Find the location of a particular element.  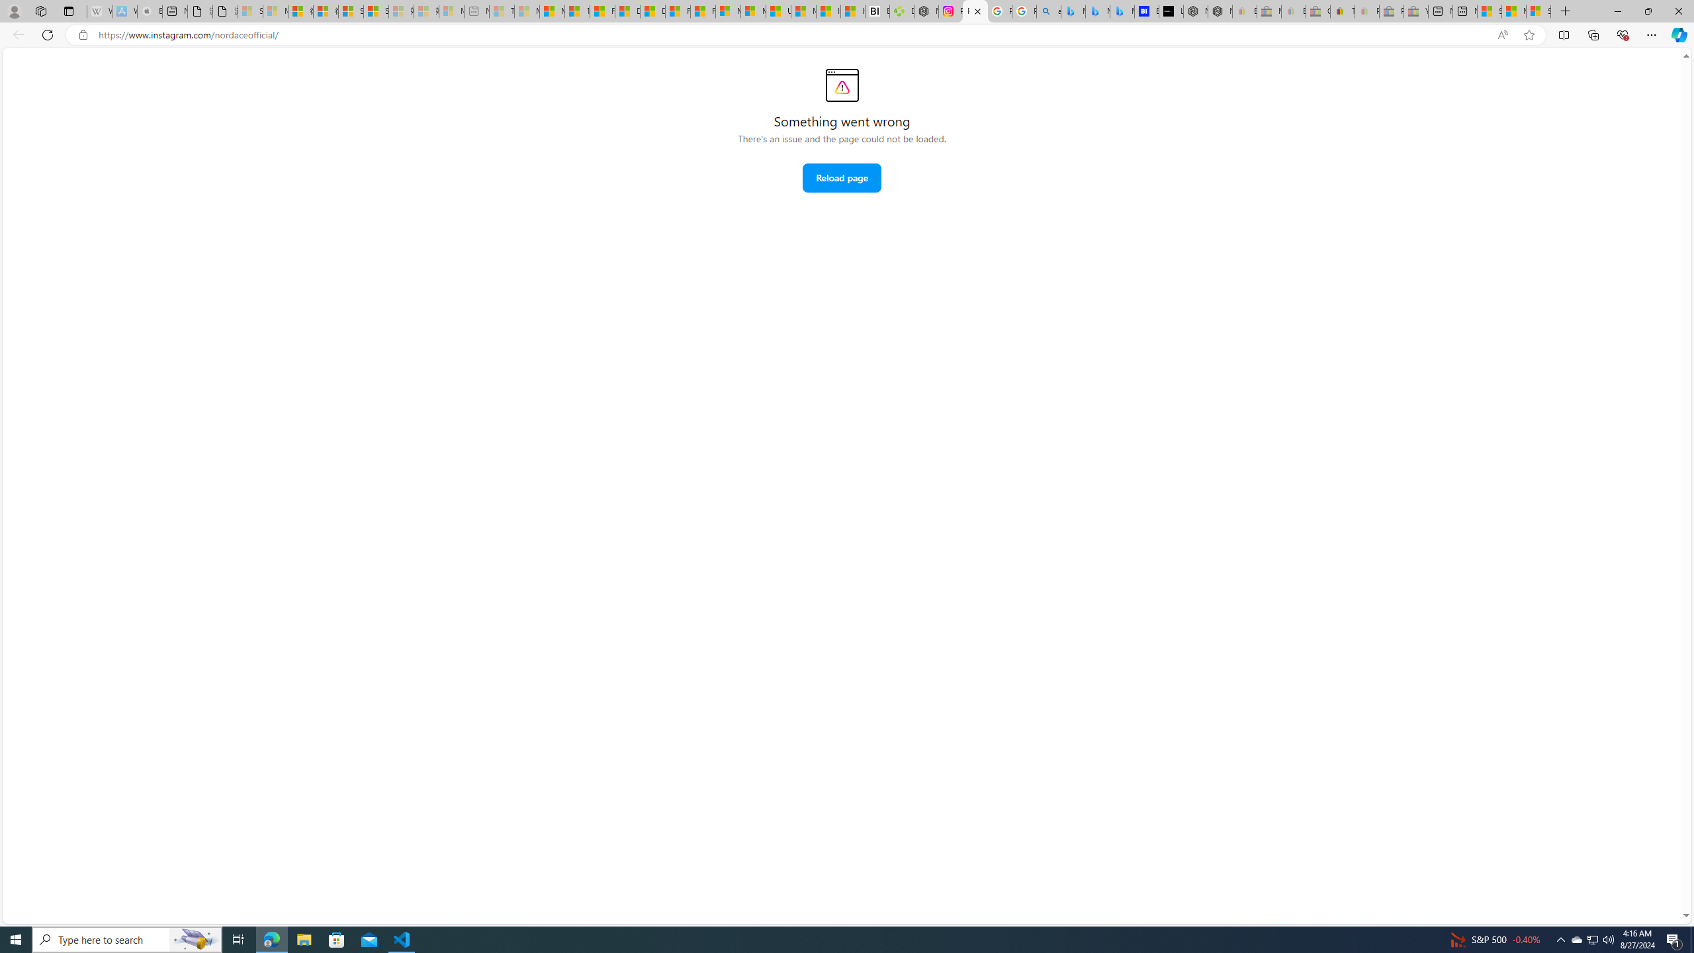

'Yard, Garden & Outdoor Living - Sleeping' is located at coordinates (1414, 11).